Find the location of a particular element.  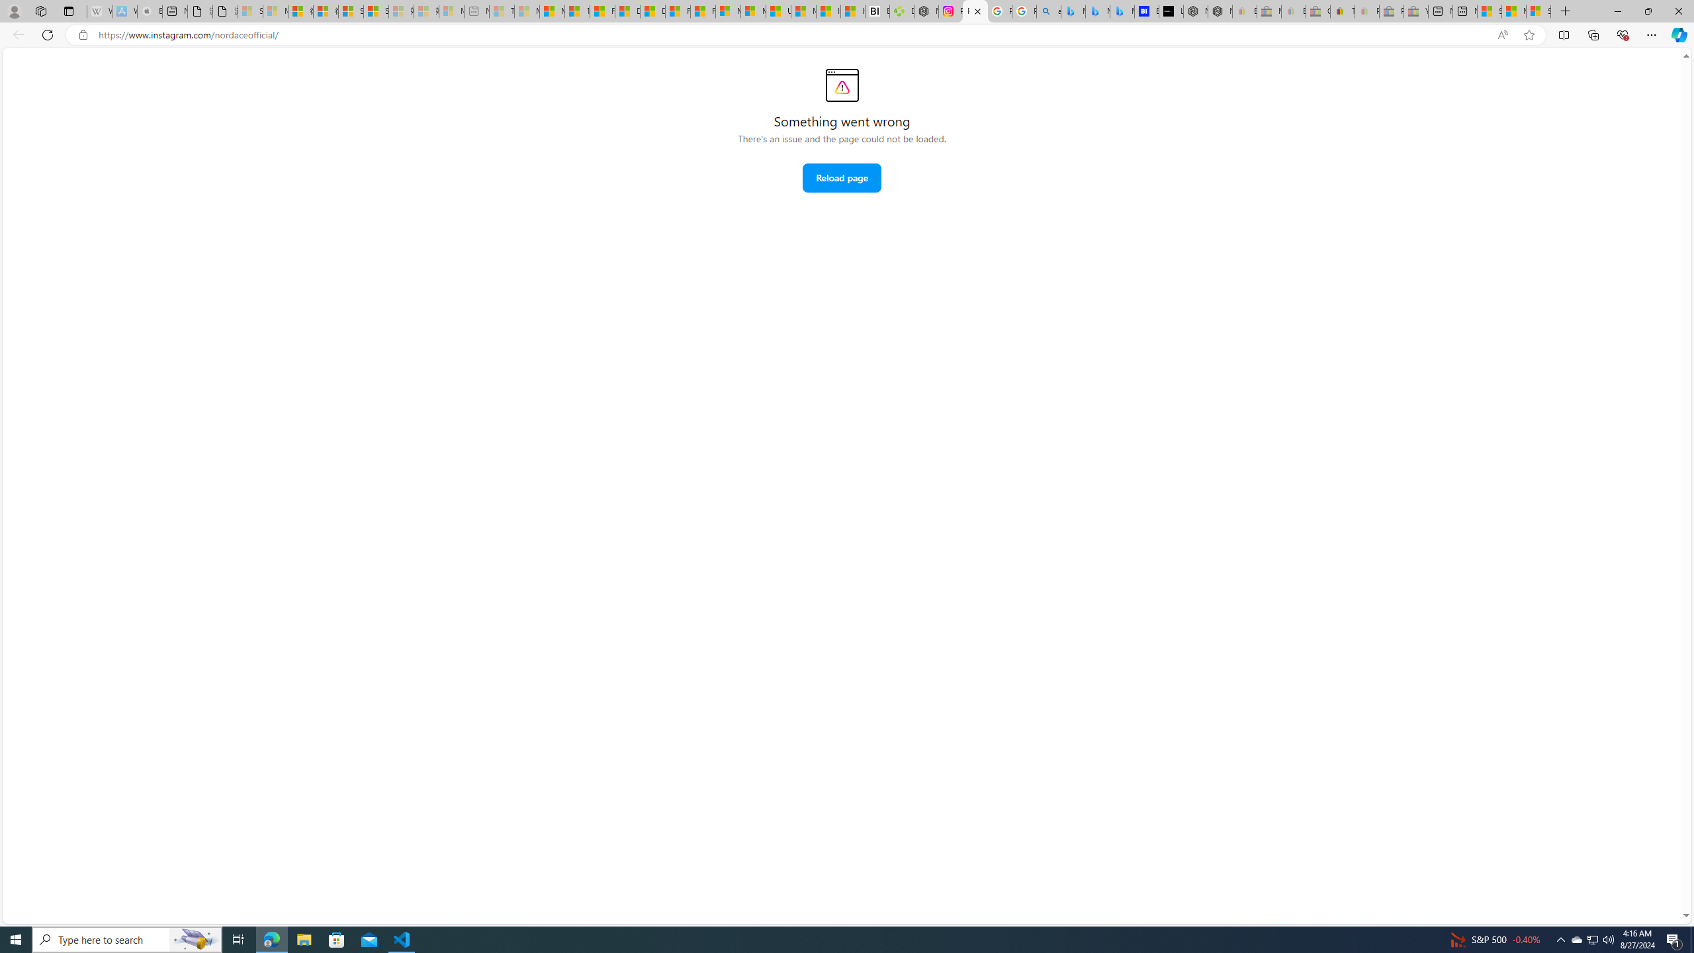

'Yard, Garden & Outdoor Living - Sleeping' is located at coordinates (1414, 11).